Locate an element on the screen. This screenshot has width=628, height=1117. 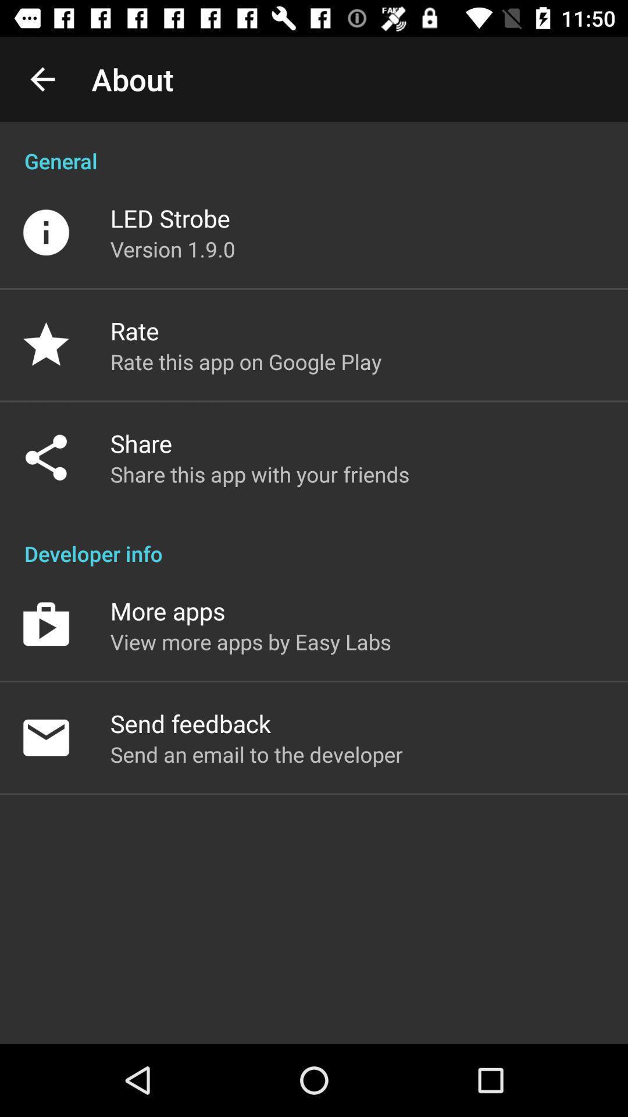
app to the left of the about is located at coordinates (42, 79).